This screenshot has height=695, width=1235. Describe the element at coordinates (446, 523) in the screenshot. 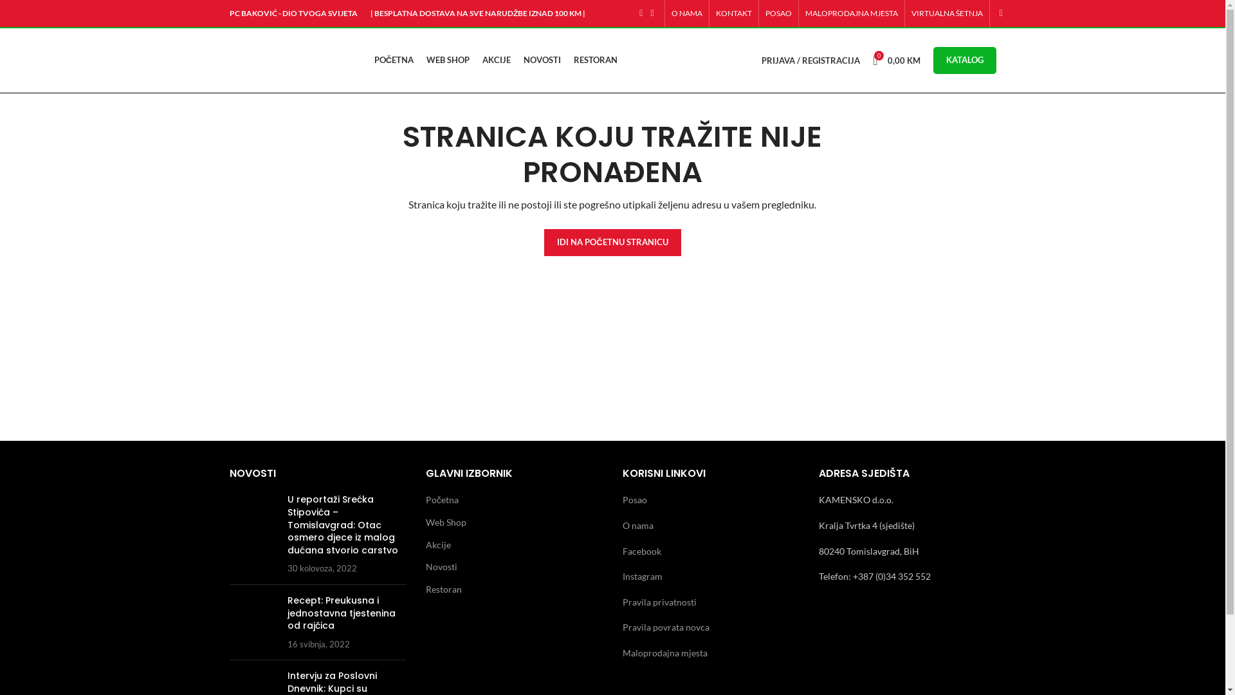

I see `'Web Shop'` at that location.